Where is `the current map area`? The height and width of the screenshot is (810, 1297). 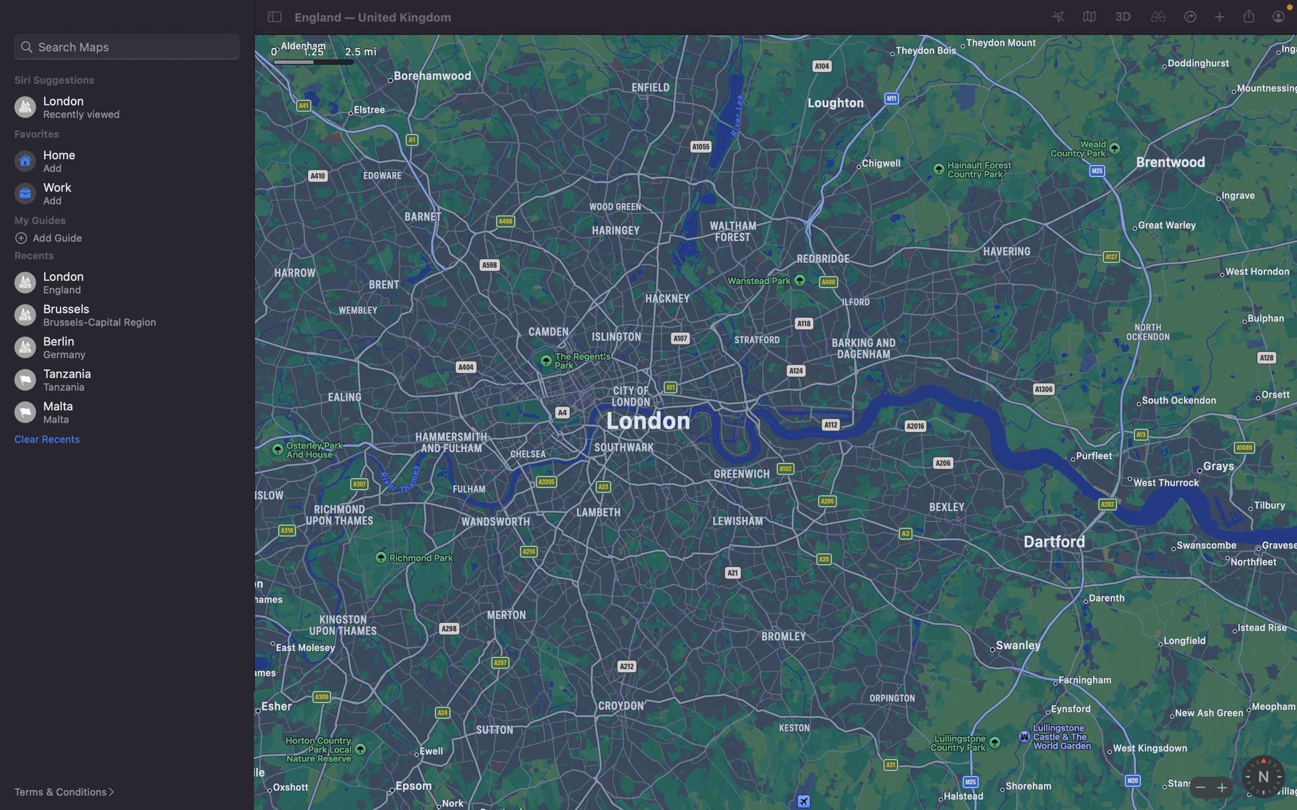 the current map area is located at coordinates (1158, 17).